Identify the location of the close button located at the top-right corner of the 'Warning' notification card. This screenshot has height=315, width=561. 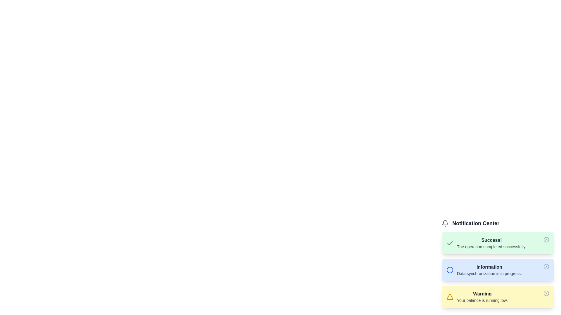
(546, 293).